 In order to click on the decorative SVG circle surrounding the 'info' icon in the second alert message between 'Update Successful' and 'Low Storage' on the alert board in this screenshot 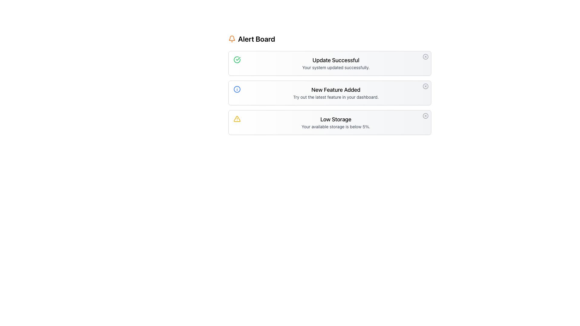, I will do `click(237, 89)`.